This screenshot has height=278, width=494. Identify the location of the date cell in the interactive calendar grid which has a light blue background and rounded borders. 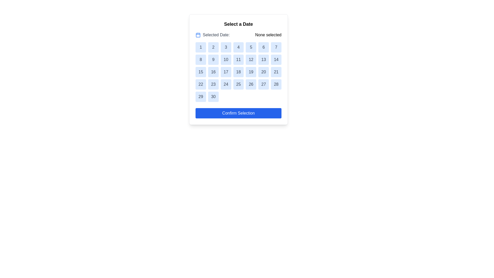
(238, 72).